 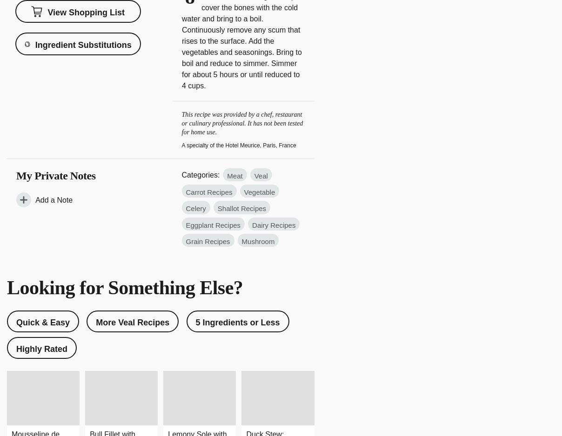 What do you see at coordinates (132, 322) in the screenshot?
I see `'More Veal Recipes'` at bounding box center [132, 322].